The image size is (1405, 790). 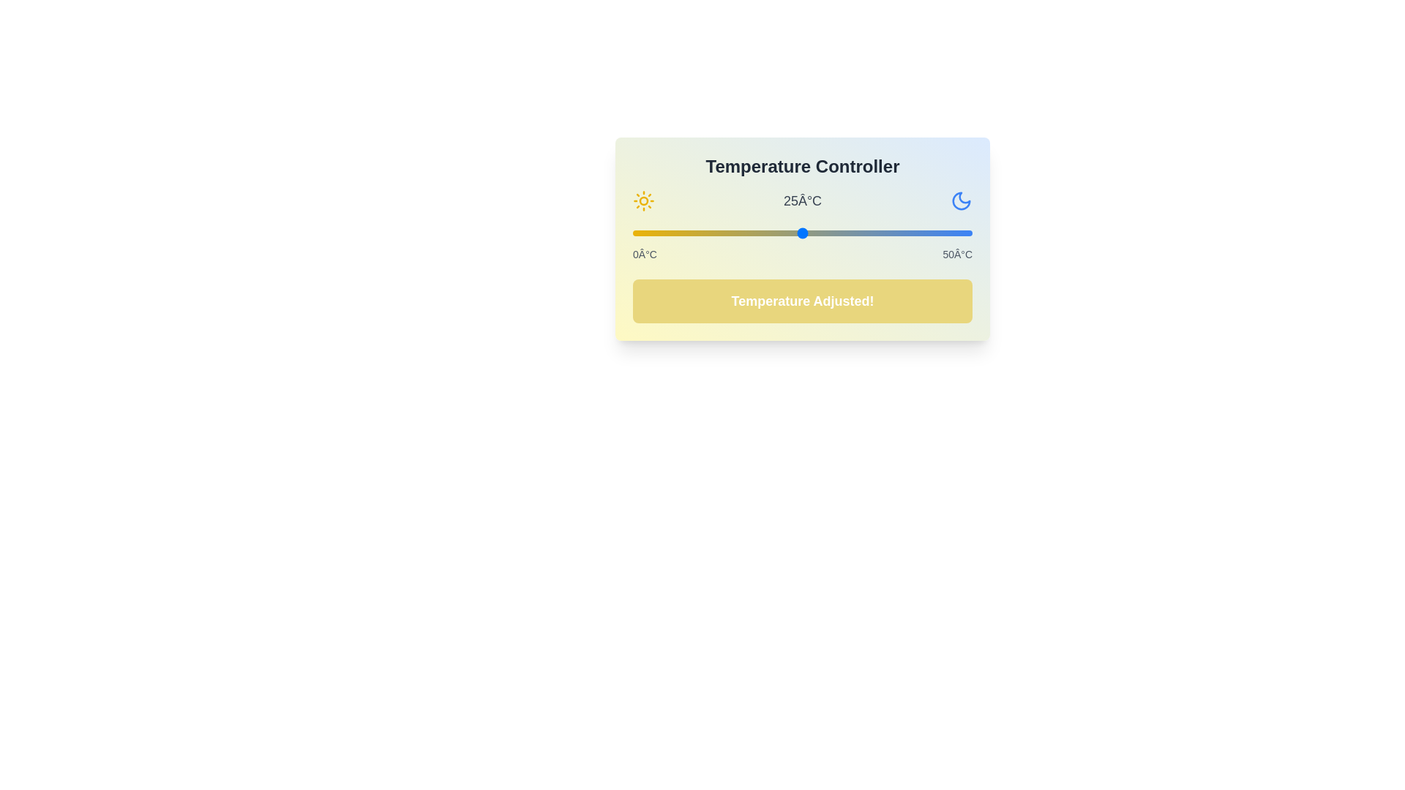 I want to click on the slider to set the temperature to 12°C, so click(x=714, y=233).